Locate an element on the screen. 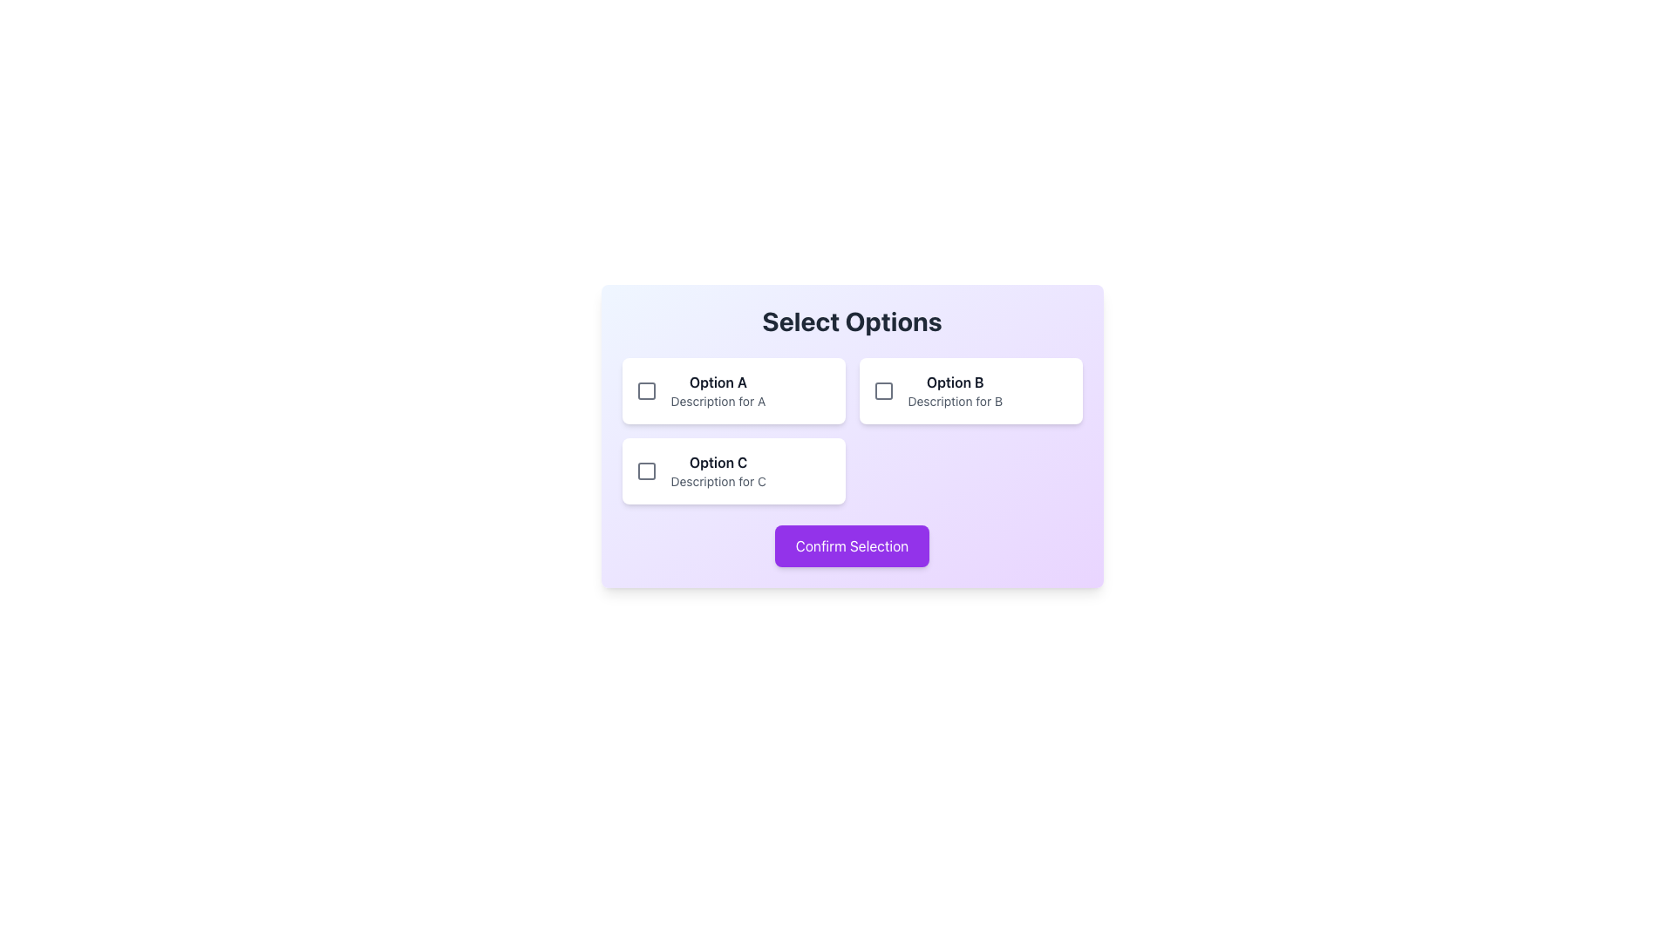  informational text label located in the right column below the title 'Option B', which provides context about this option is located at coordinates (954, 402).